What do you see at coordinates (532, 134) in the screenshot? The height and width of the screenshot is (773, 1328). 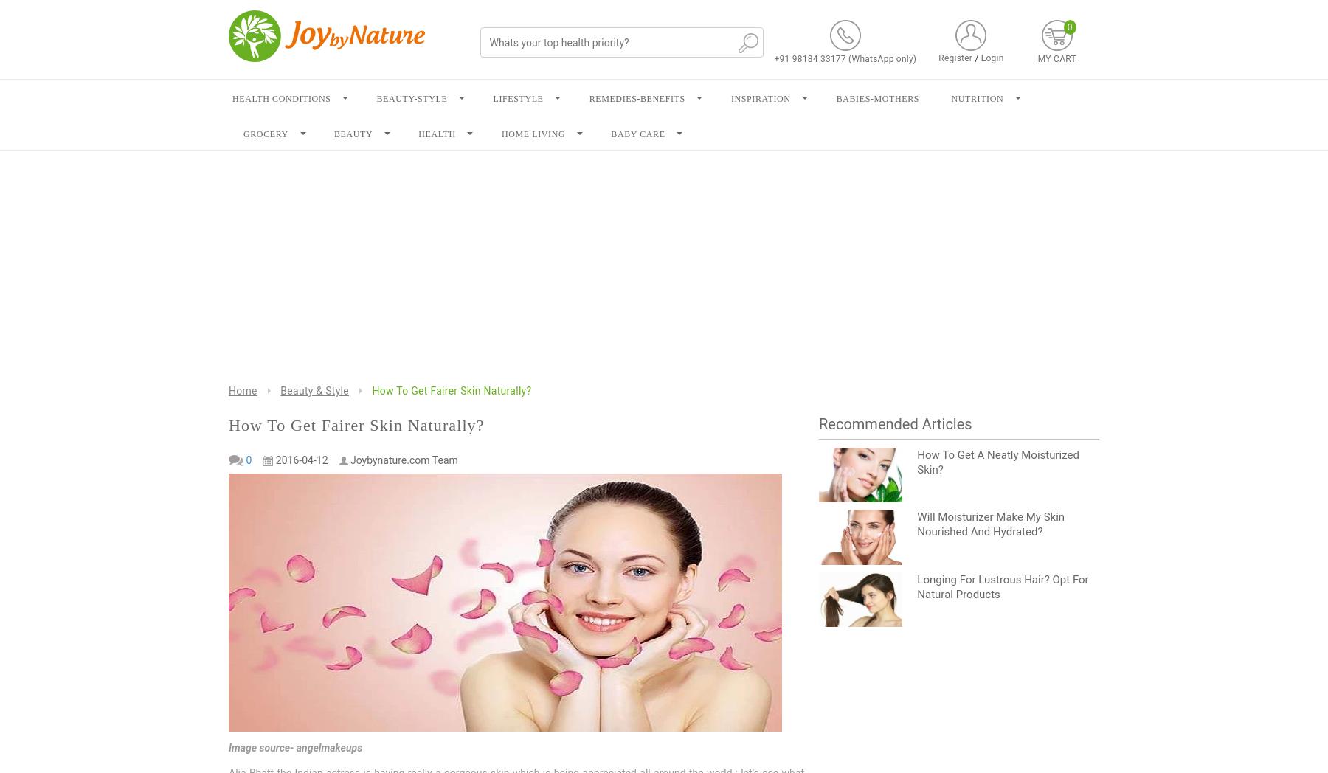 I see `'Home Living'` at bounding box center [532, 134].